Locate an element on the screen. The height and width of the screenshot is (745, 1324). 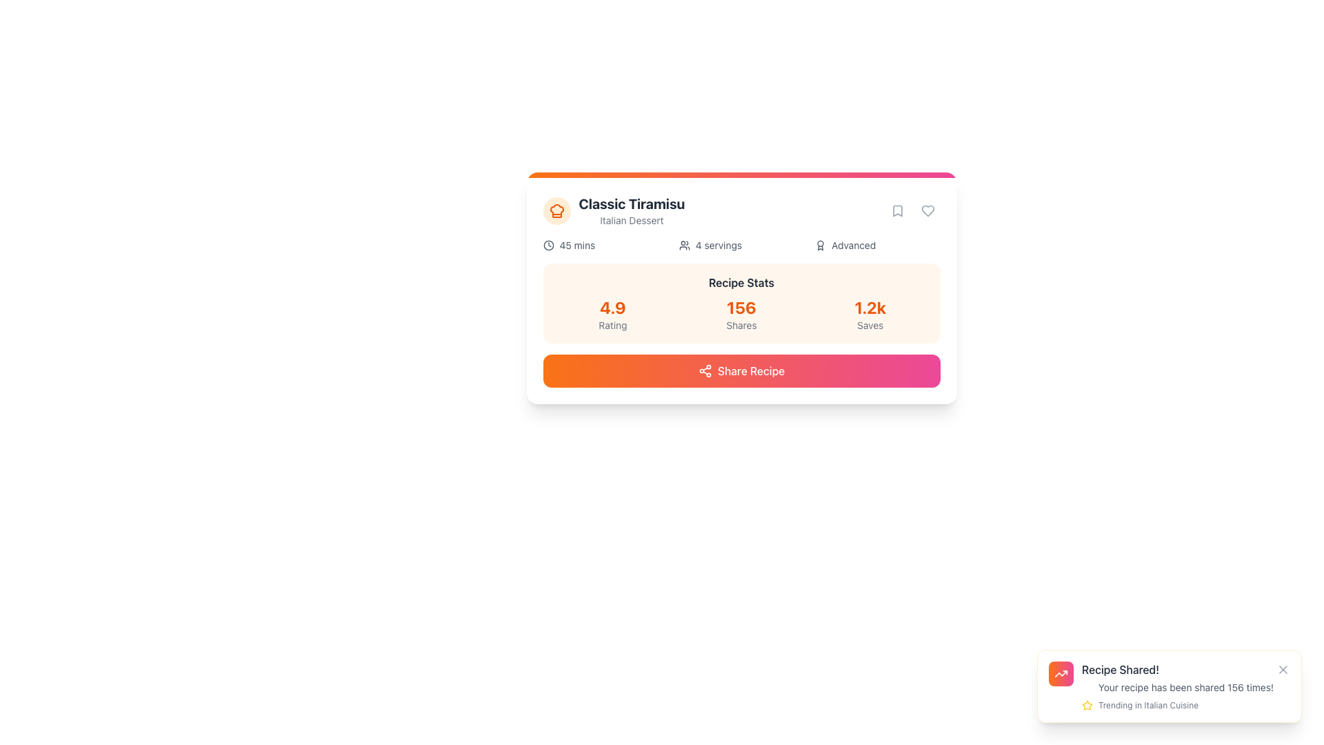
text label that serves as the title for the content above the 'Italian Dessert' line, located in the top-left segment of the card-like interface is located at coordinates (631, 204).